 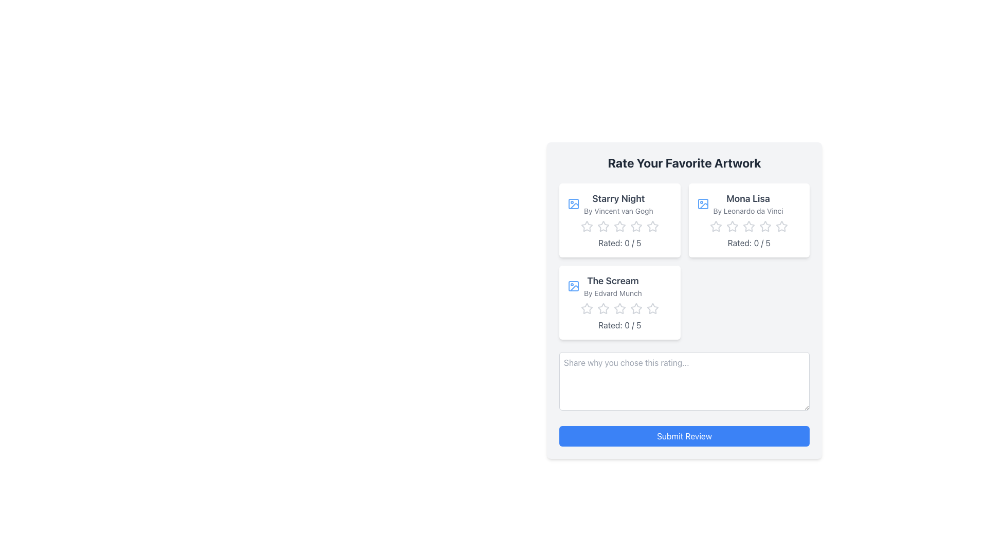 What do you see at coordinates (619, 308) in the screenshot?
I see `the fifth star icon in the five-star rating system below 'The Scream' artwork card` at bounding box center [619, 308].